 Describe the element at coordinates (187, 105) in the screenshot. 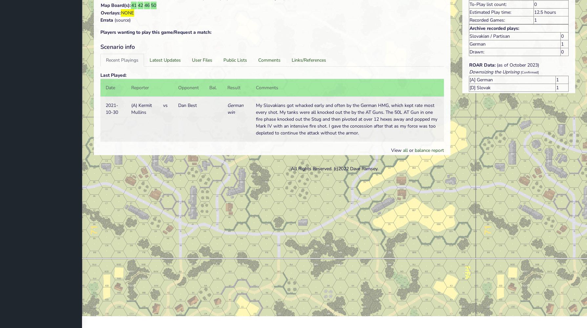

I see `'Dan Best'` at that location.